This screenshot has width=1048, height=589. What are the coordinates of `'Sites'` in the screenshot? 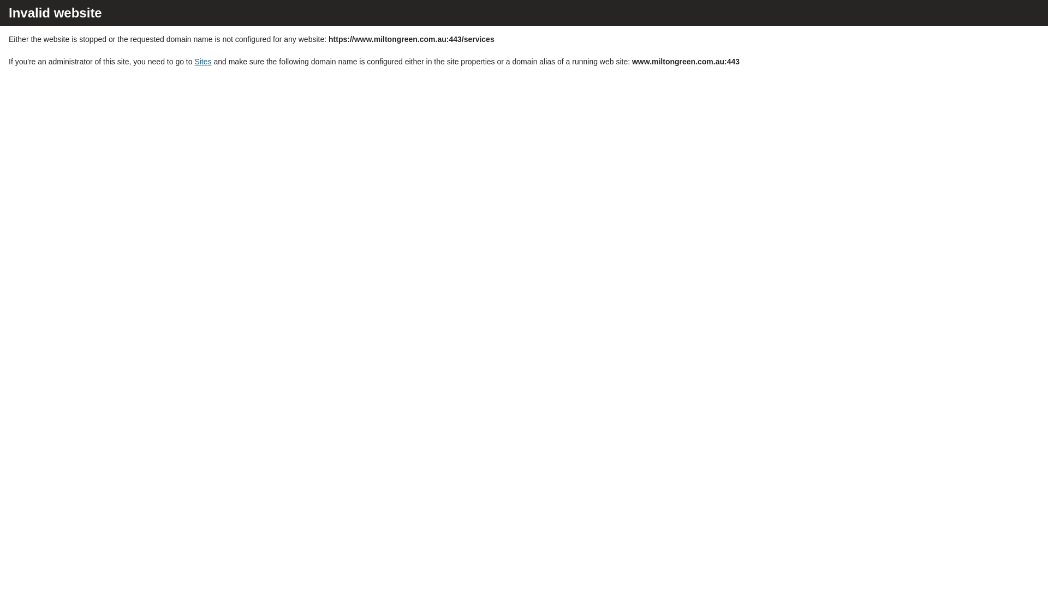 It's located at (203, 61).